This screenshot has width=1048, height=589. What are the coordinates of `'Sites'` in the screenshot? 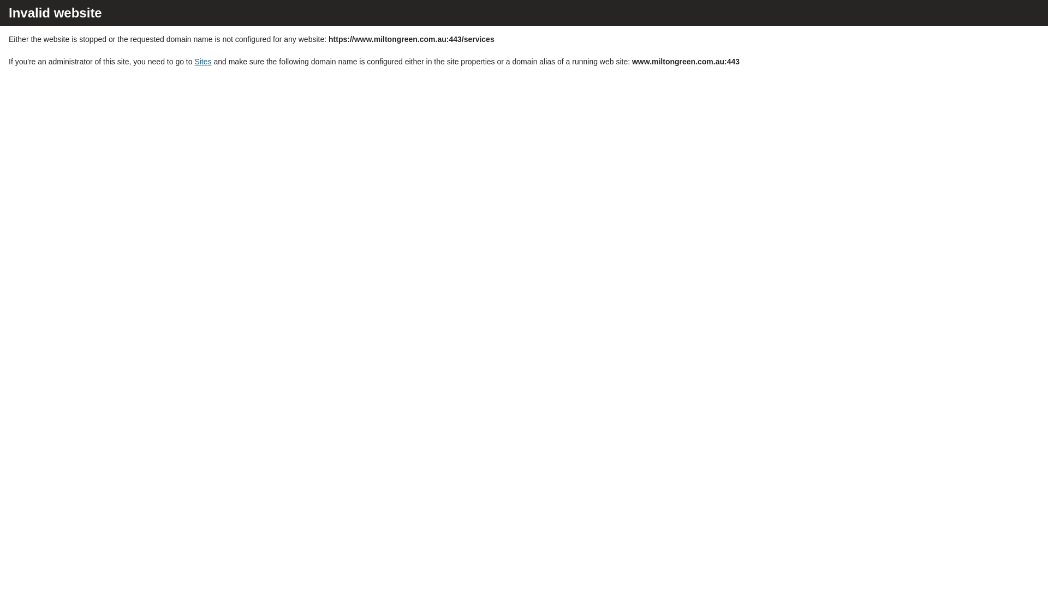 It's located at (203, 61).